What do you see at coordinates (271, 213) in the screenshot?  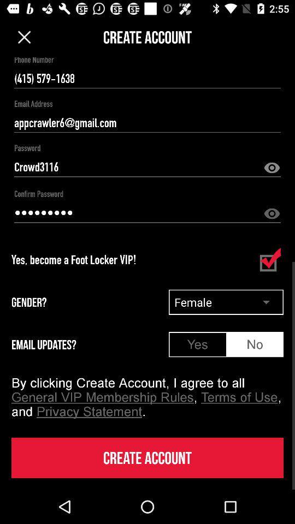 I see `the visibility icon` at bounding box center [271, 213].